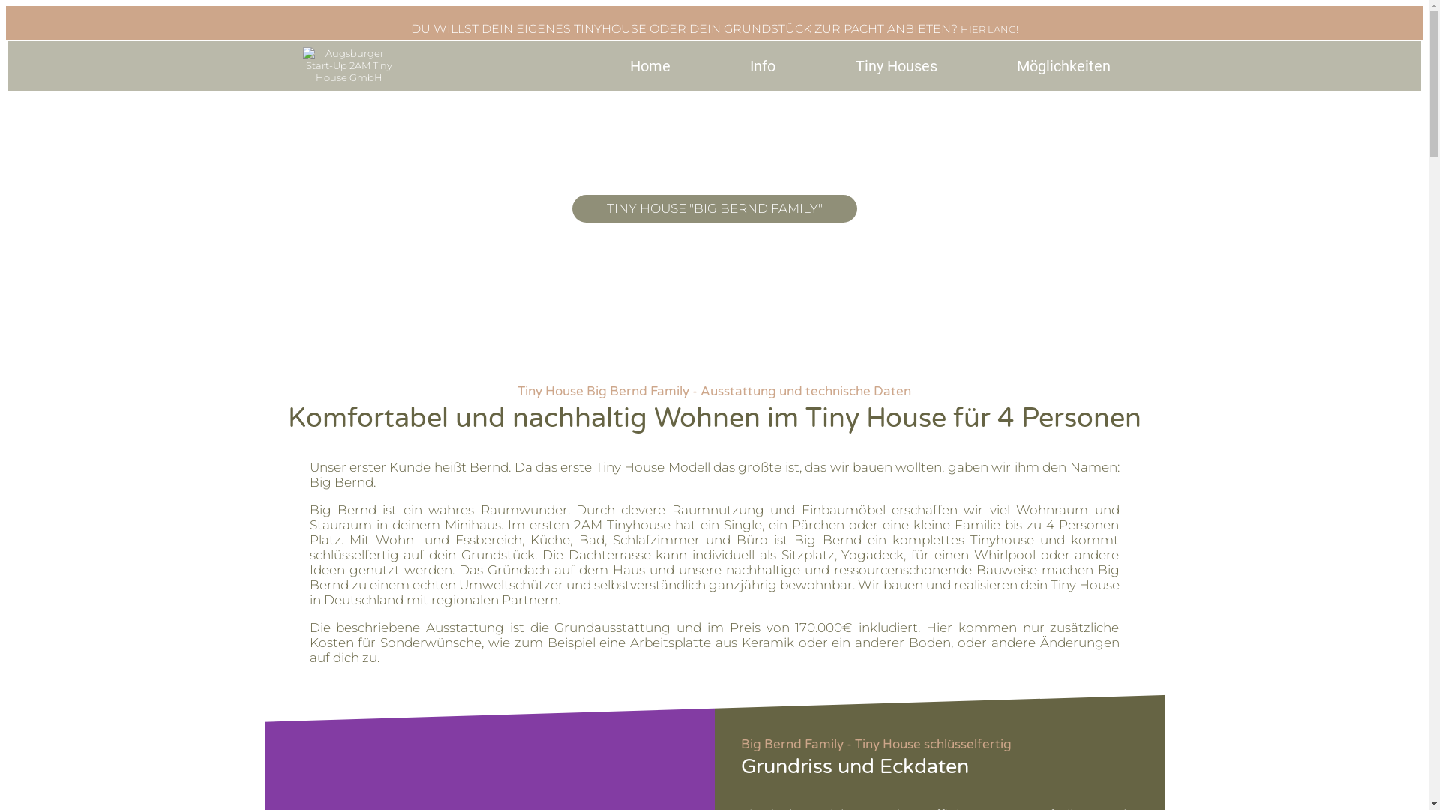 This screenshot has width=1440, height=810. I want to click on 'Info', so click(709, 65).